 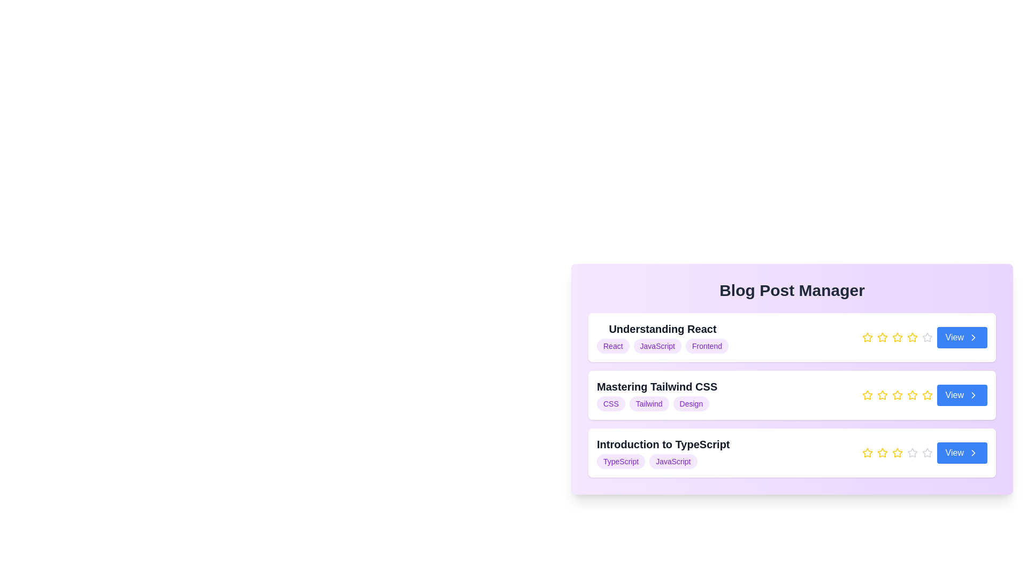 I want to click on the arrow indicator located on the far-right side of the 'View' button for the 'Mastering Tailwind CSS' blog post, so click(x=973, y=395).